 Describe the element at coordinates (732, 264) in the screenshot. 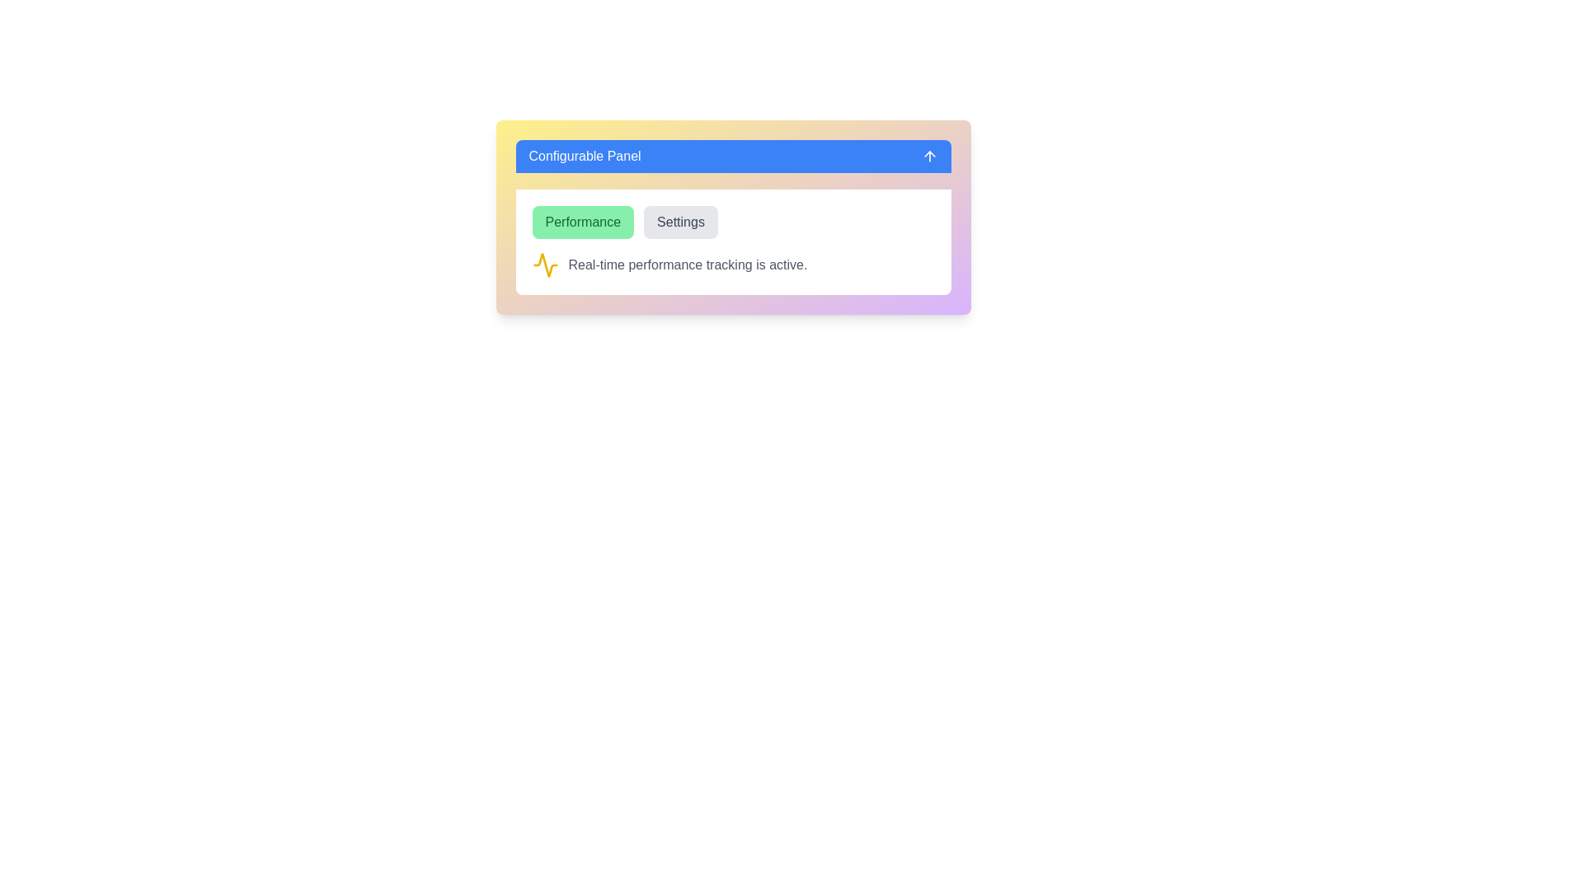

I see `the informational text with an icon that indicates real-time performance tracking is active, located below the 'Performance' and 'Settings' buttons` at that location.